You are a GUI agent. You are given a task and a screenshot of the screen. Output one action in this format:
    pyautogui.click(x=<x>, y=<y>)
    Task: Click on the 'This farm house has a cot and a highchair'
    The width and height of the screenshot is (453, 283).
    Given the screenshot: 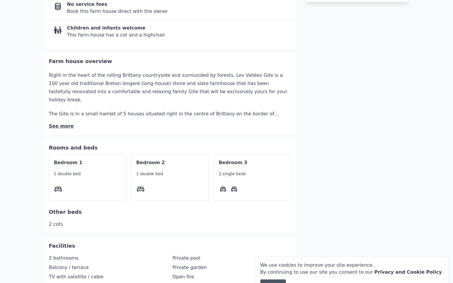 What is the action you would take?
    pyautogui.click(x=116, y=17)
    